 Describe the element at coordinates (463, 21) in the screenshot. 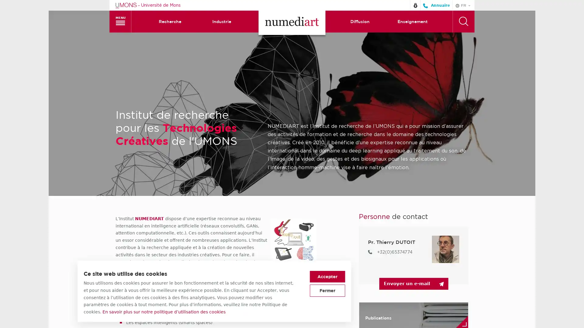

I see `Rechercher` at that location.